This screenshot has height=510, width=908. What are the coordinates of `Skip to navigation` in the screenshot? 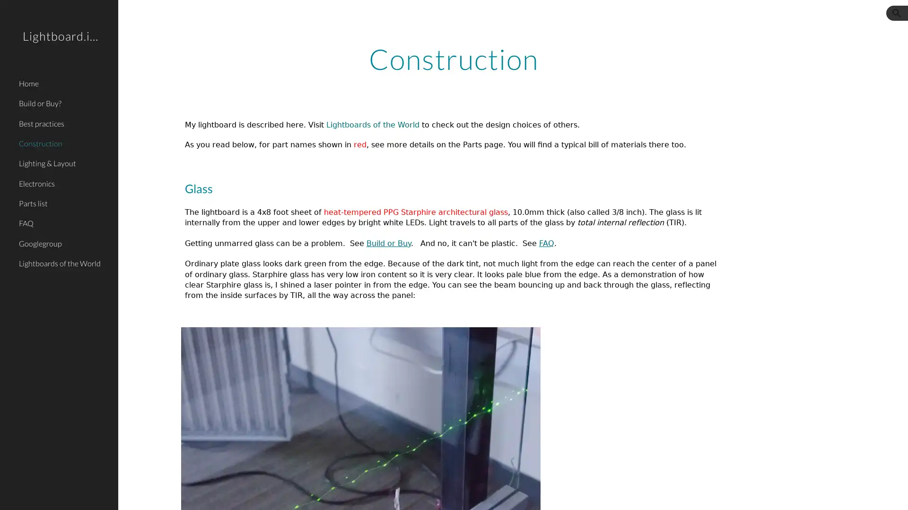 It's located at (539, 17).